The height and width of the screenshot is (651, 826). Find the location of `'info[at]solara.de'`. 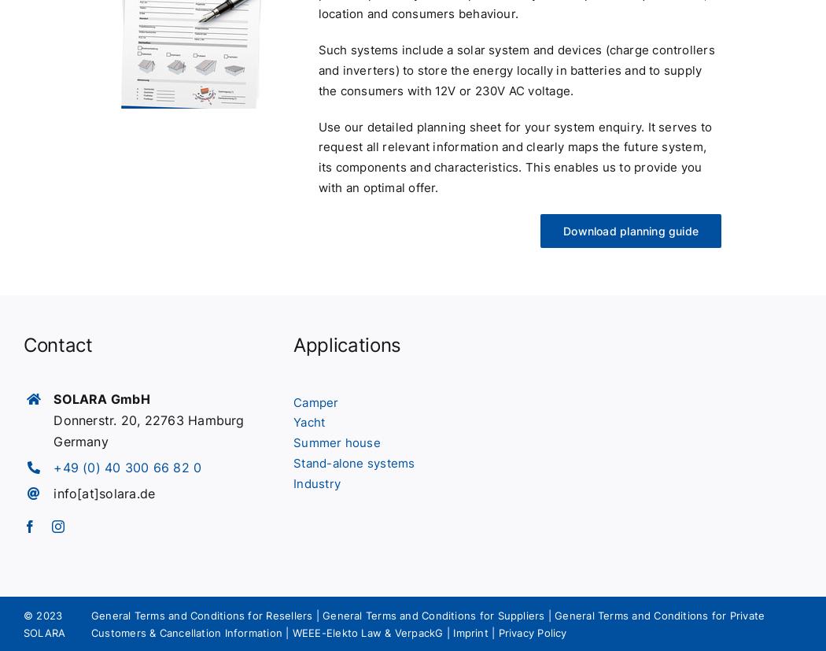

'info[at]solara.de' is located at coordinates (103, 492).